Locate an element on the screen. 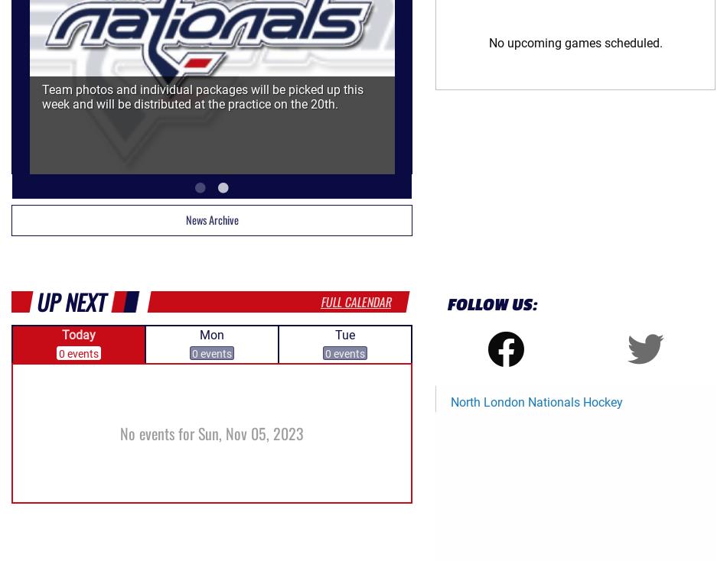 The width and height of the screenshot is (727, 561). 'Team photos and individual packages will be picked up this week and will be distributed at the practice on the 20th.' is located at coordinates (42, 96).